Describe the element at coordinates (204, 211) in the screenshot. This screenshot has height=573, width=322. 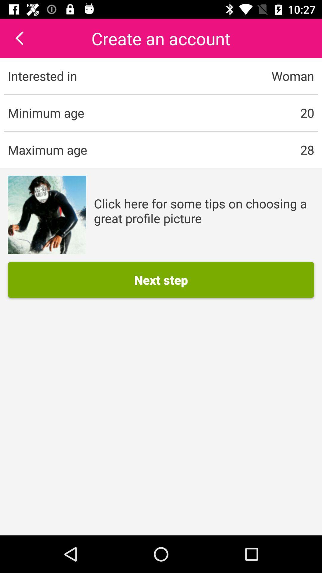
I see `the app below 28 item` at that location.